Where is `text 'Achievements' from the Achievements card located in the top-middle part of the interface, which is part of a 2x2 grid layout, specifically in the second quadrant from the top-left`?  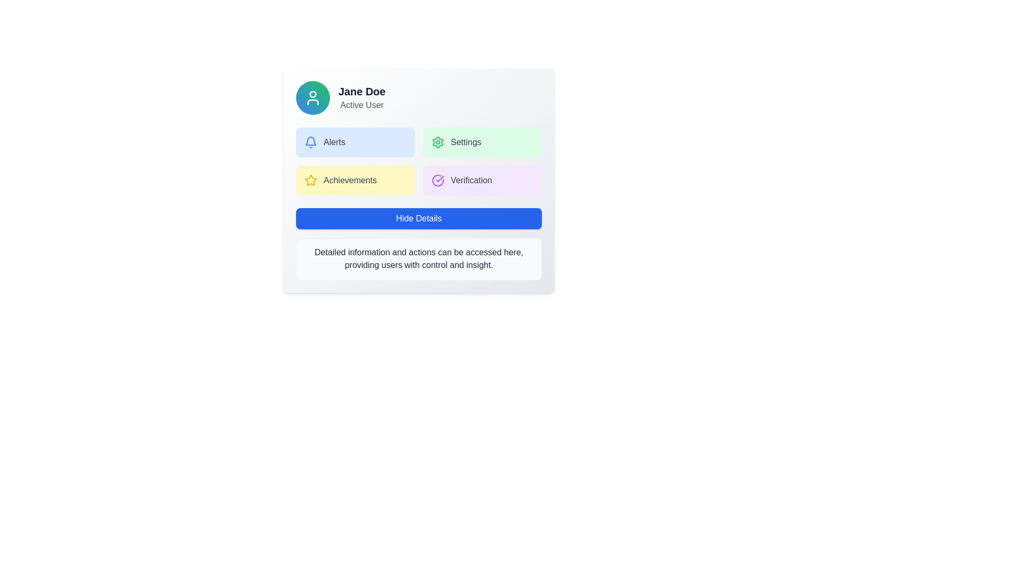 text 'Achievements' from the Achievements card located in the top-middle part of the interface, which is part of a 2x2 grid layout, specifically in the second quadrant from the top-left is located at coordinates (355, 180).